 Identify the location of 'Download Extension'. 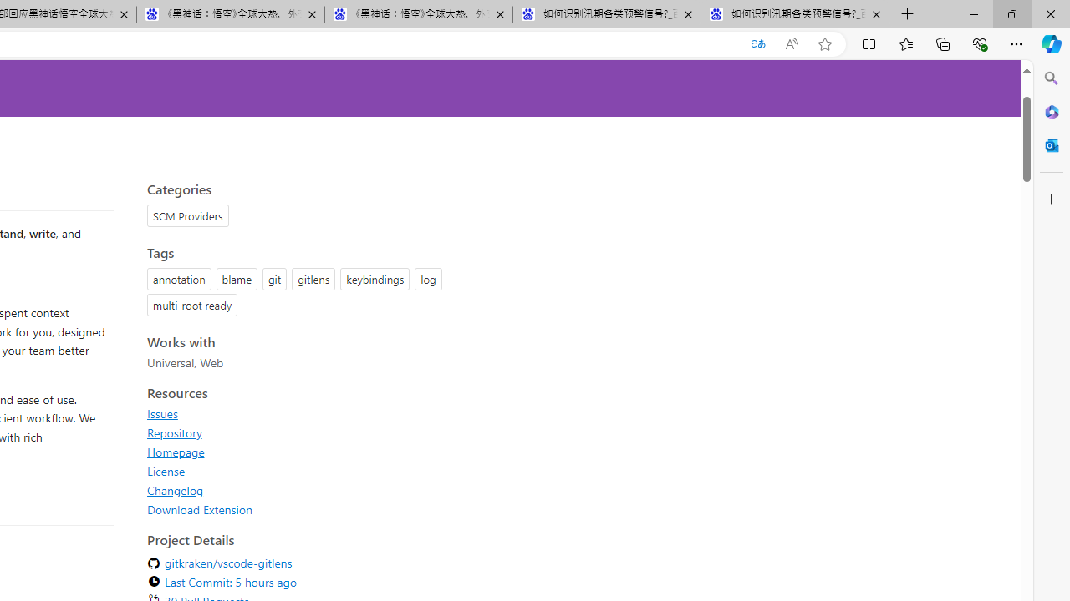
(200, 508).